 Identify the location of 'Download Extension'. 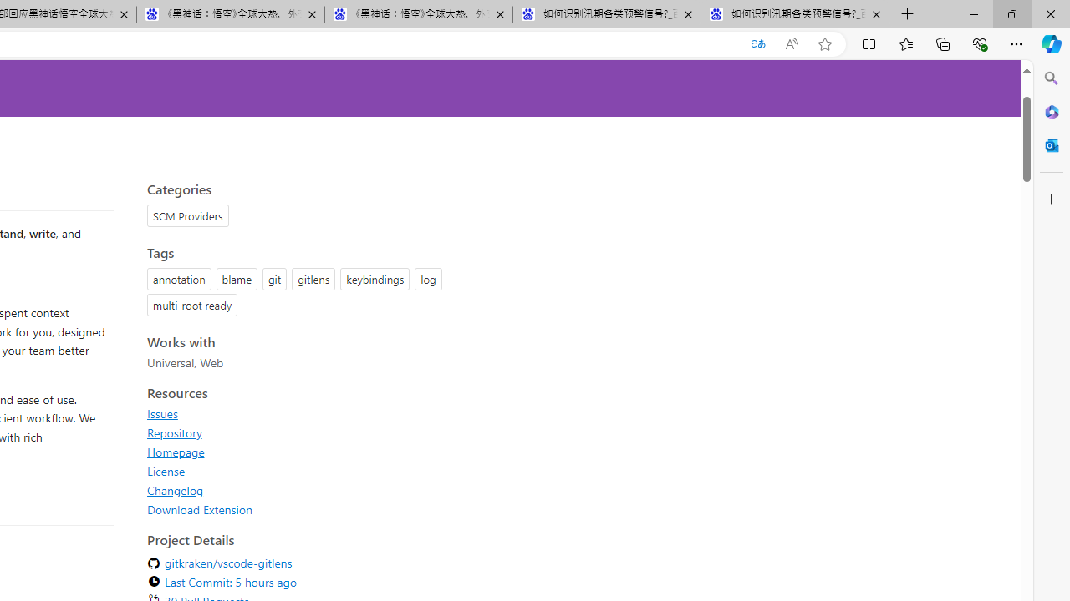
(200, 508).